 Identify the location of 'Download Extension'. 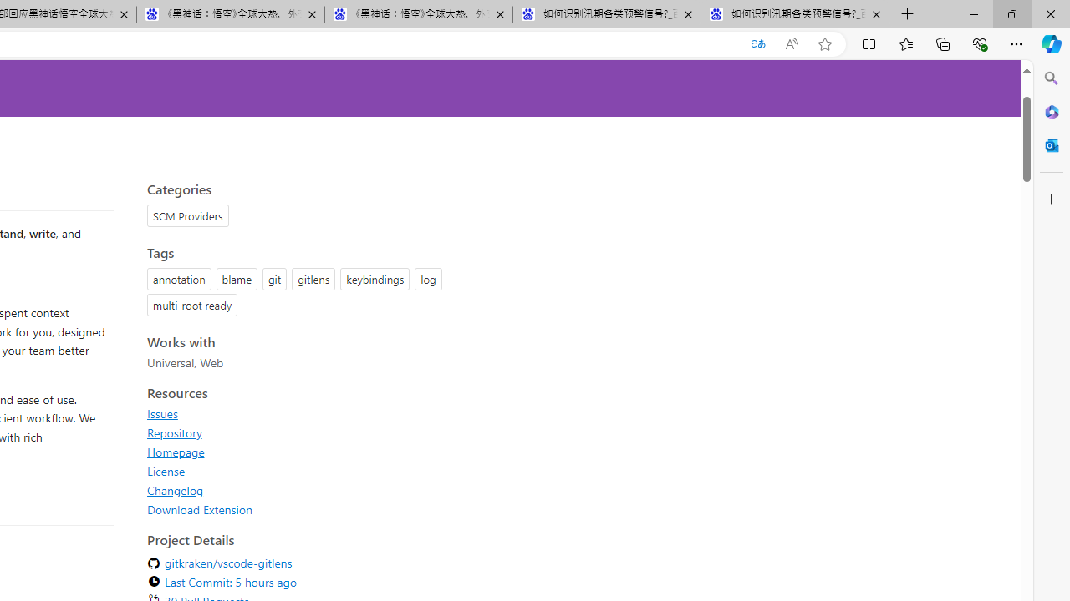
(200, 508).